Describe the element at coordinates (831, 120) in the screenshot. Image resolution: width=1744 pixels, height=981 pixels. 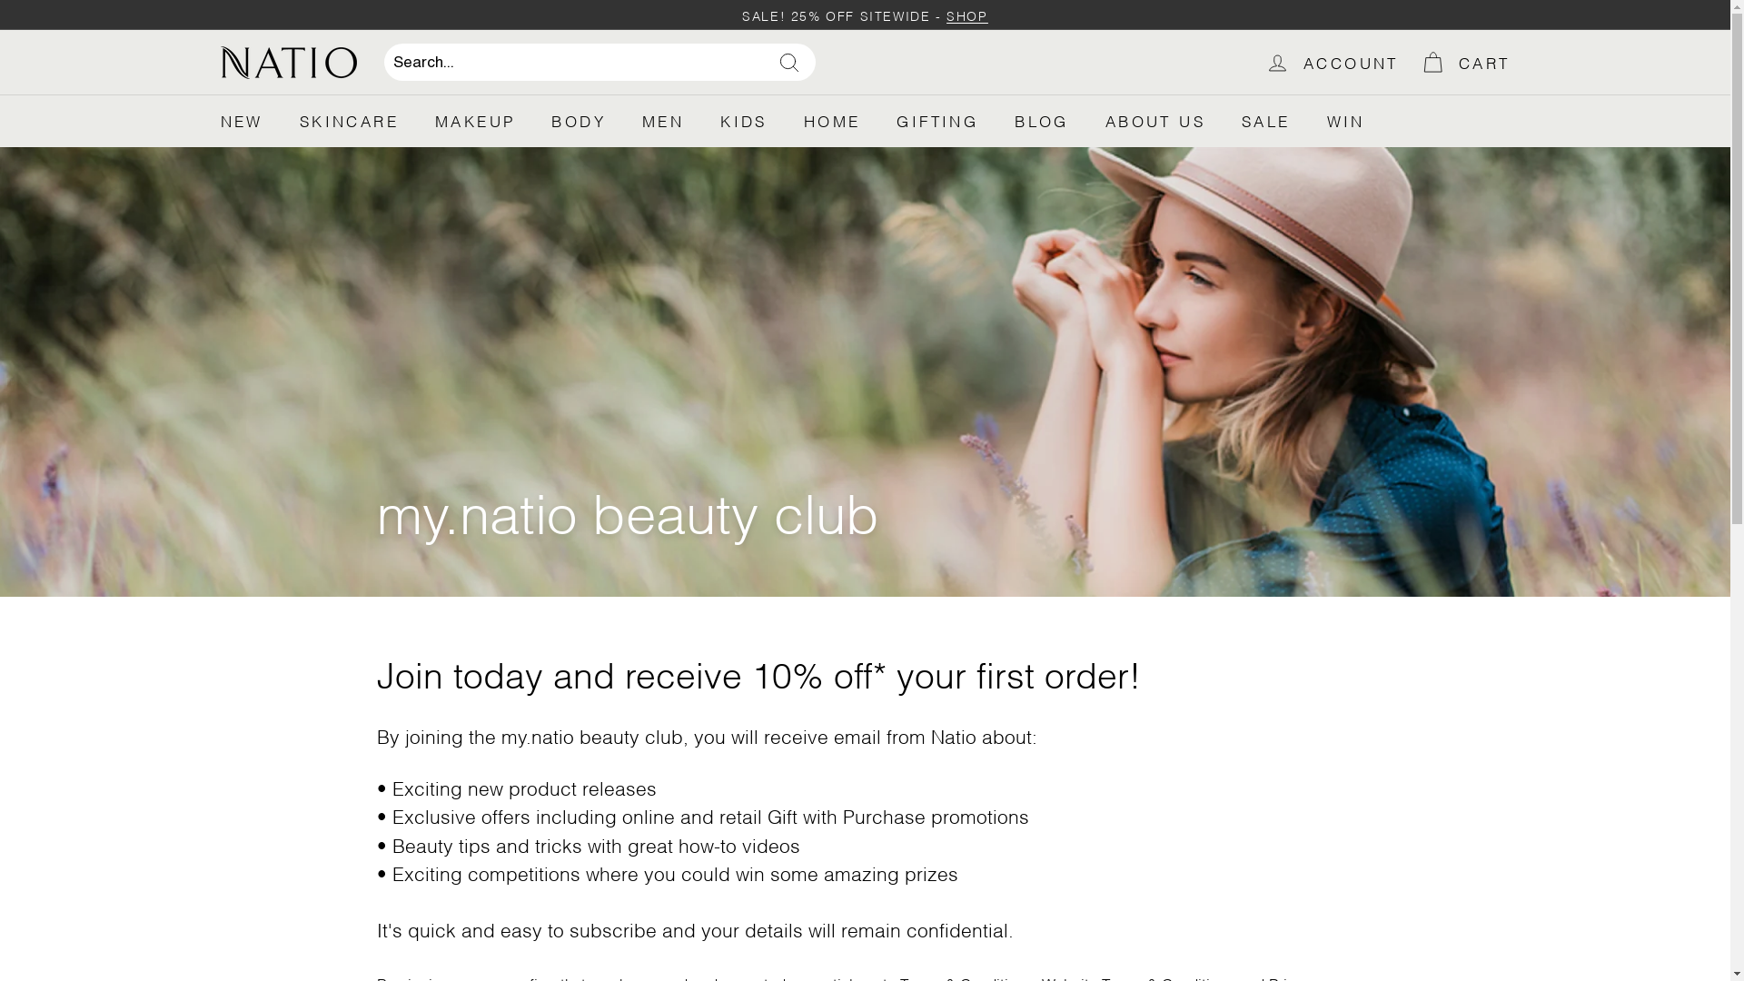
I see `'HOME'` at that location.